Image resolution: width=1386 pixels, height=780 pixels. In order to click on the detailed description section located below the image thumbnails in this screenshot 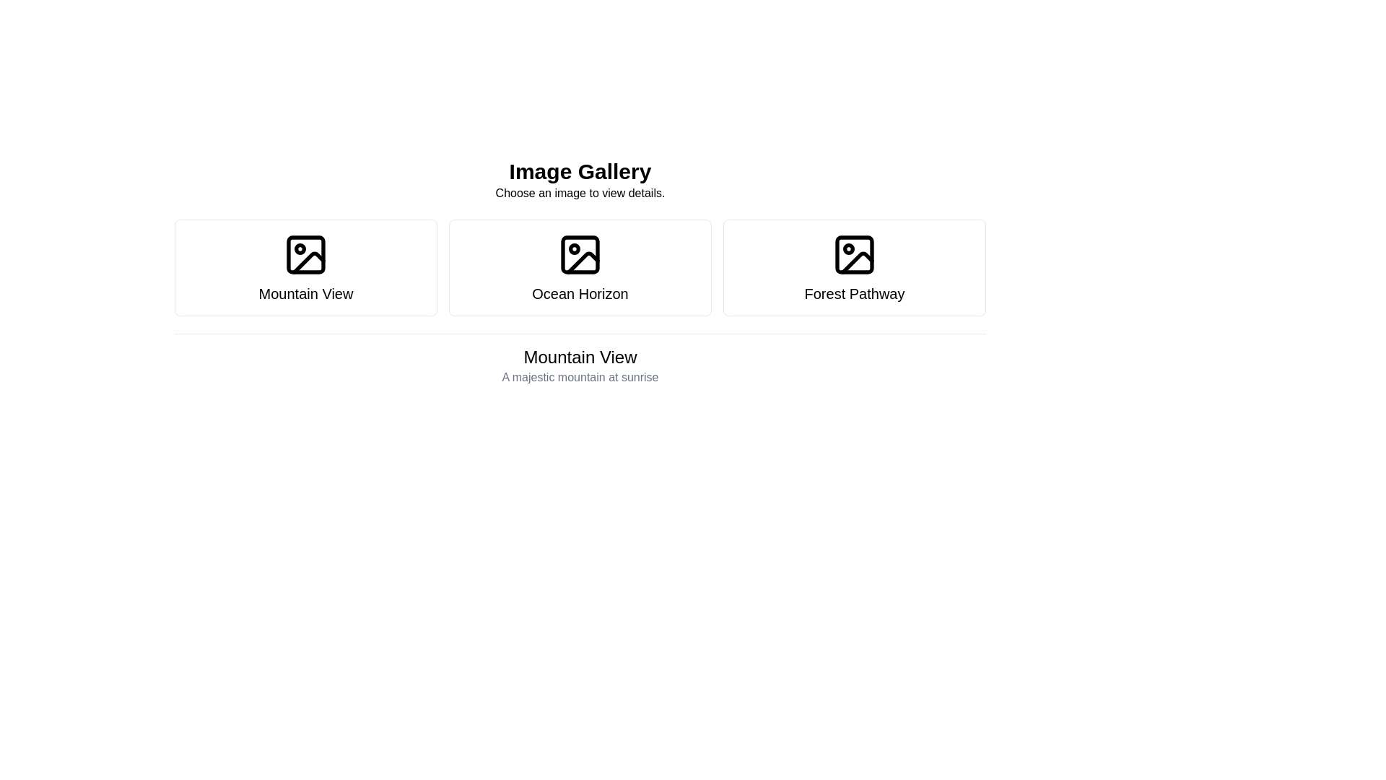, I will do `click(580, 365)`.